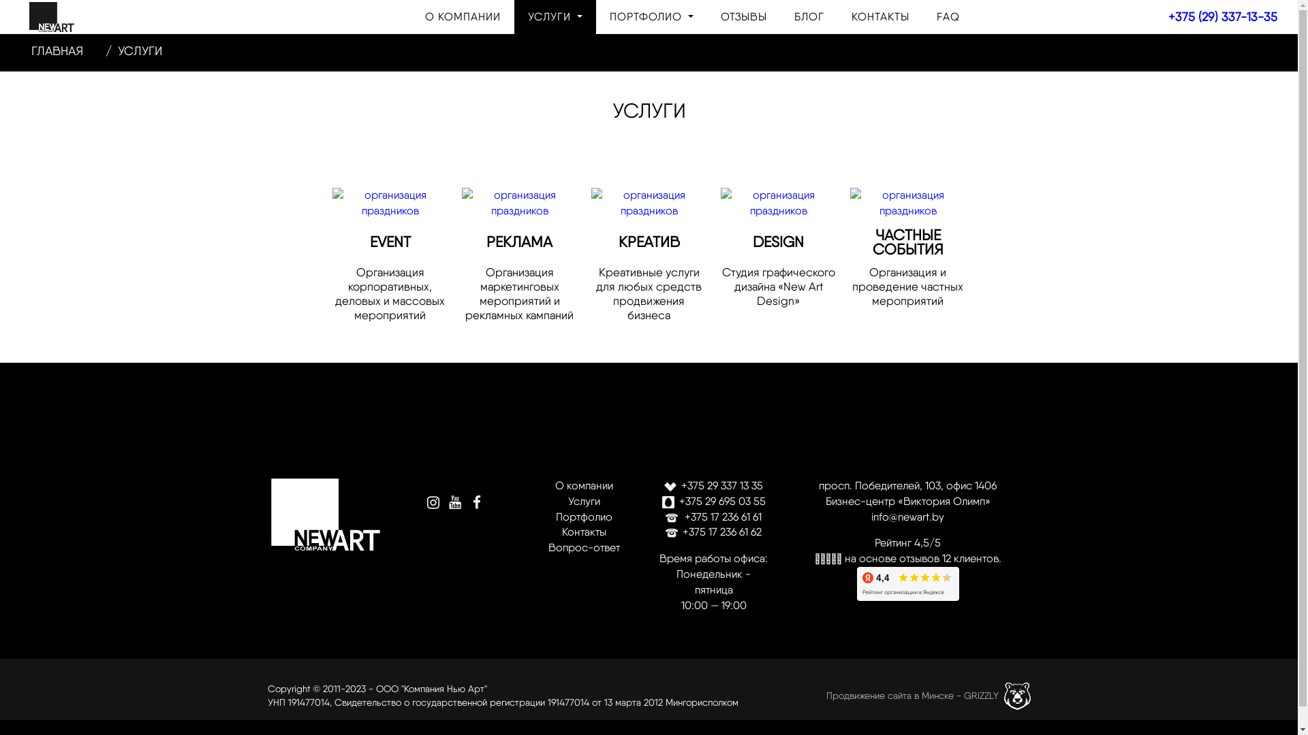 The width and height of the screenshot is (1308, 735). I want to click on 'FAQ', so click(948, 16).